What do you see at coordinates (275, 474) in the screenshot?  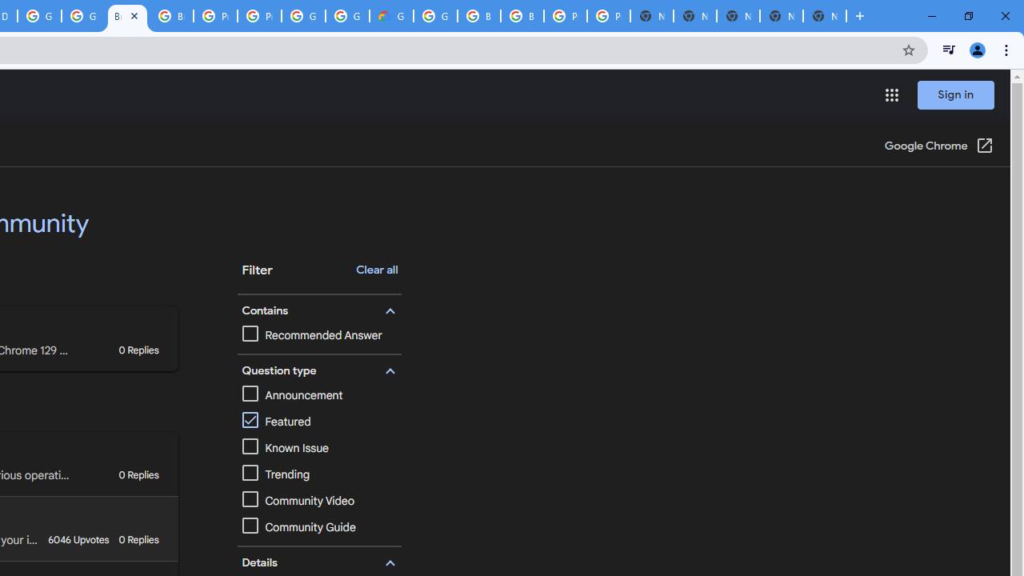 I see `'Trending'` at bounding box center [275, 474].